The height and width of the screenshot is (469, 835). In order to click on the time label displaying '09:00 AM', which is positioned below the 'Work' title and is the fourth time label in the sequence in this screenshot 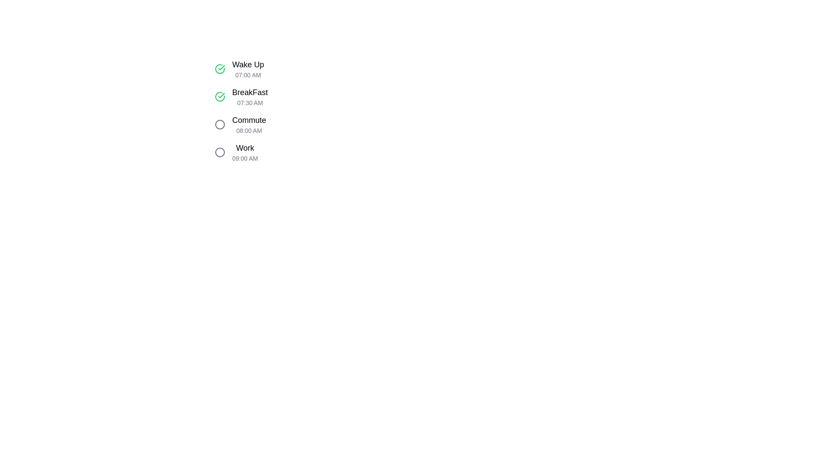, I will do `click(244, 159)`.